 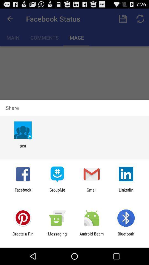 What do you see at coordinates (92, 192) in the screenshot?
I see `the item next to linkedin item` at bounding box center [92, 192].